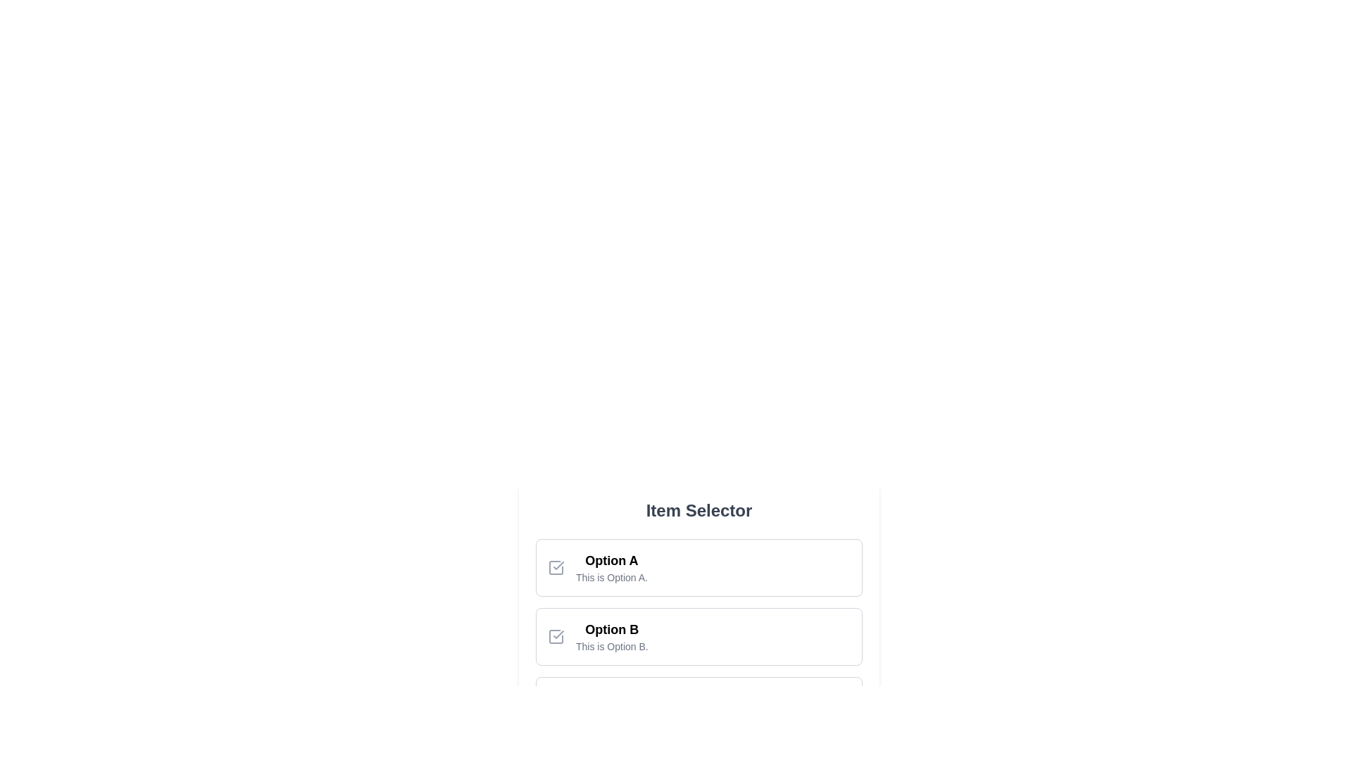 Image resolution: width=1352 pixels, height=760 pixels. Describe the element at coordinates (612, 628) in the screenshot. I see `the bold and large label displaying 'Option B' located under the 'Item Selector' heading, which is part of a selection box containing a checkbox and descriptive text` at that location.